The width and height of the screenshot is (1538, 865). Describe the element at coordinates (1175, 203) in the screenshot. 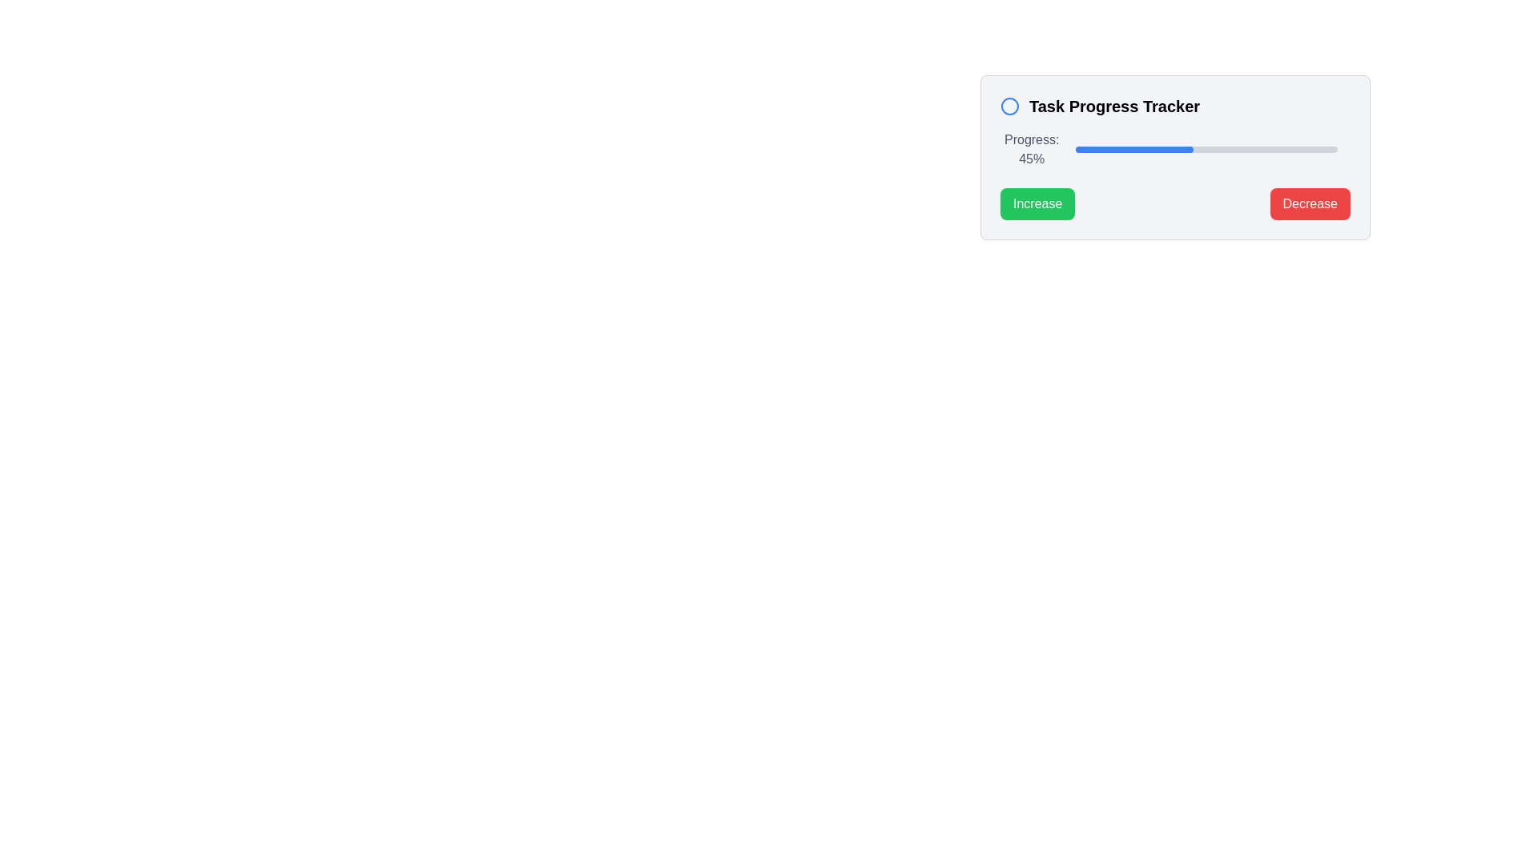

I see `the Horizontal button group containing the 'Increase' and 'Decrease' buttons for visual feedback` at that location.